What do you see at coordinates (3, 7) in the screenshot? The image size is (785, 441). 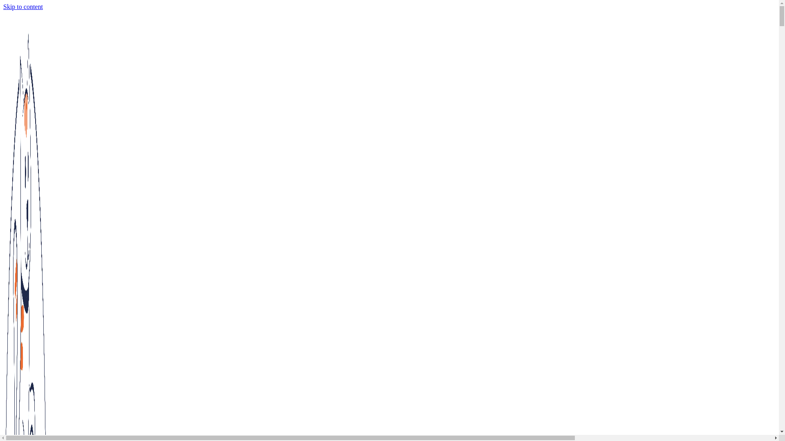 I see `'Skip to content'` at bounding box center [3, 7].